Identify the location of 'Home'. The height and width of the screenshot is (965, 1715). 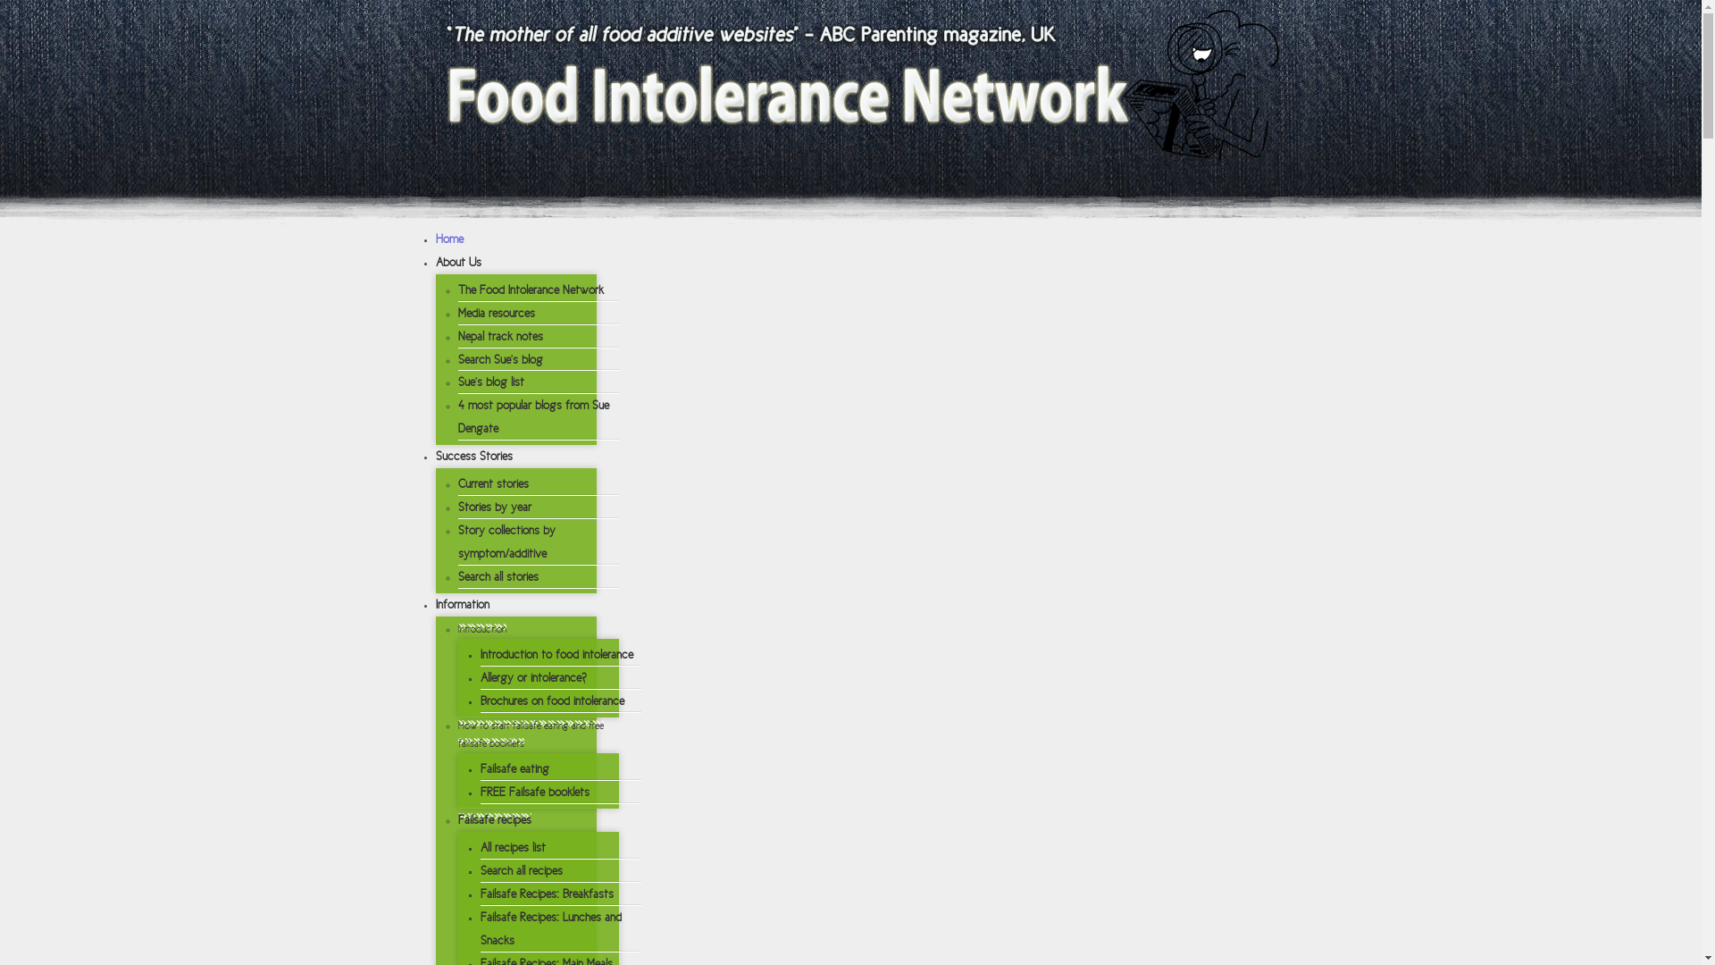
(449, 238).